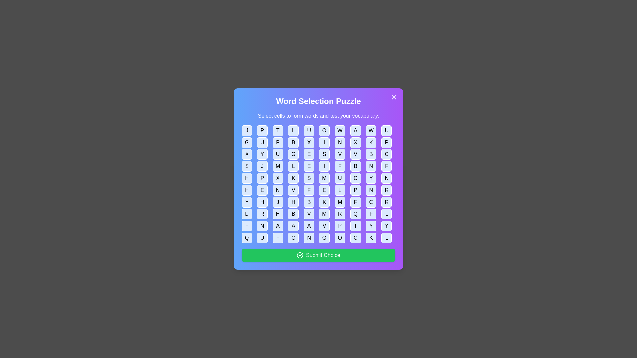 The height and width of the screenshot is (358, 637). What do you see at coordinates (318, 101) in the screenshot?
I see `the title text 'Word Selection Puzzle' displayed at the top of the dialog` at bounding box center [318, 101].